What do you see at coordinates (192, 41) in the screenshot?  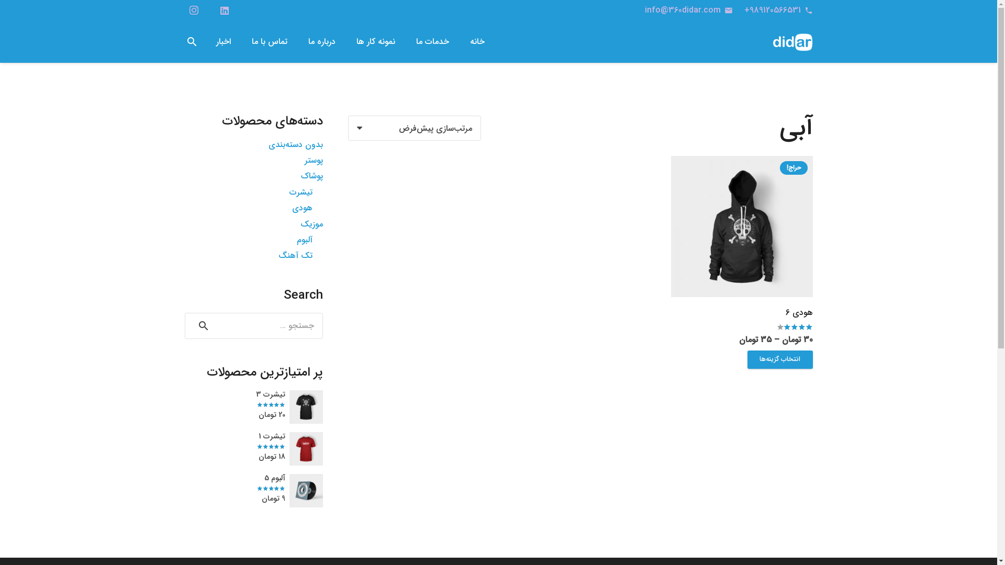 I see `'search'` at bounding box center [192, 41].